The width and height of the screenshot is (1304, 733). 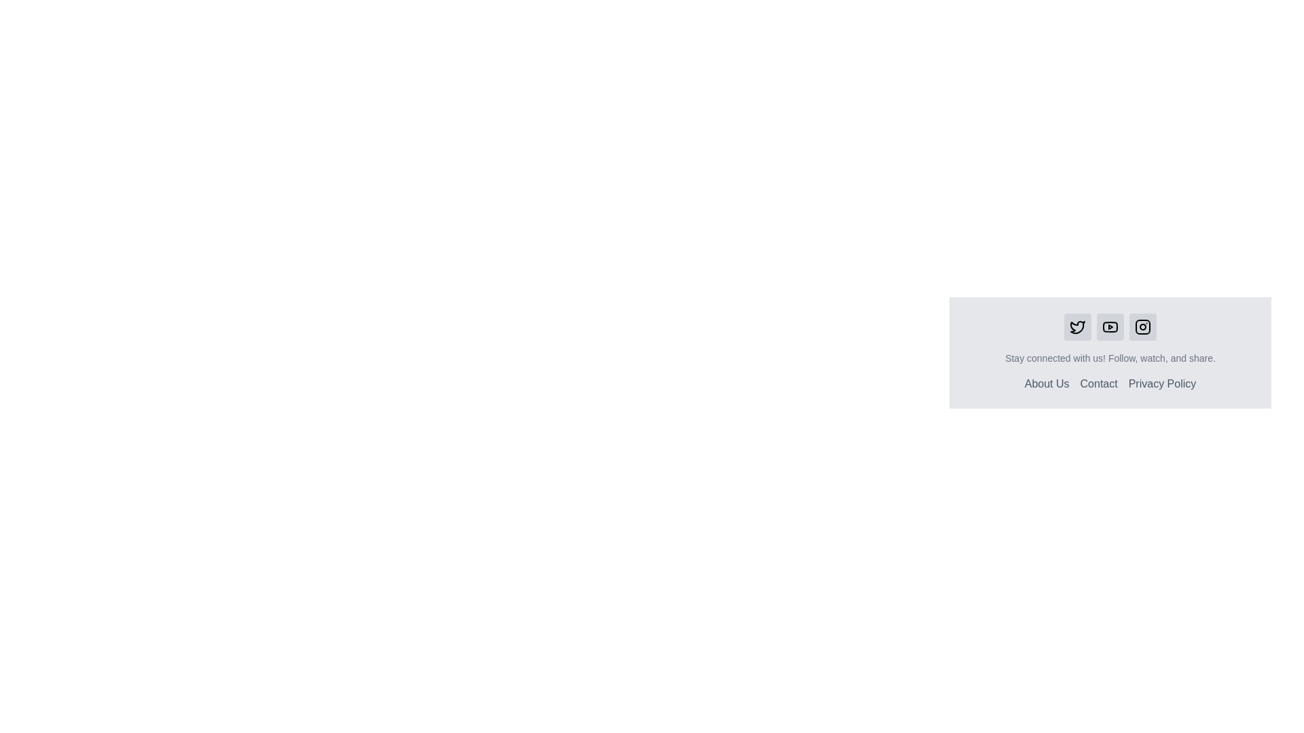 I want to click on the Twitter icon, so click(x=1077, y=327).